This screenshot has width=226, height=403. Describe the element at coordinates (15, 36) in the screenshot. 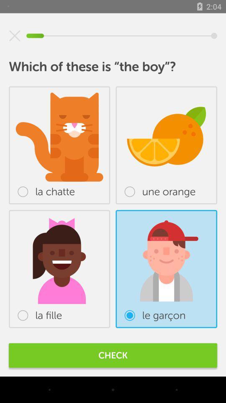

I see `the star icon` at that location.